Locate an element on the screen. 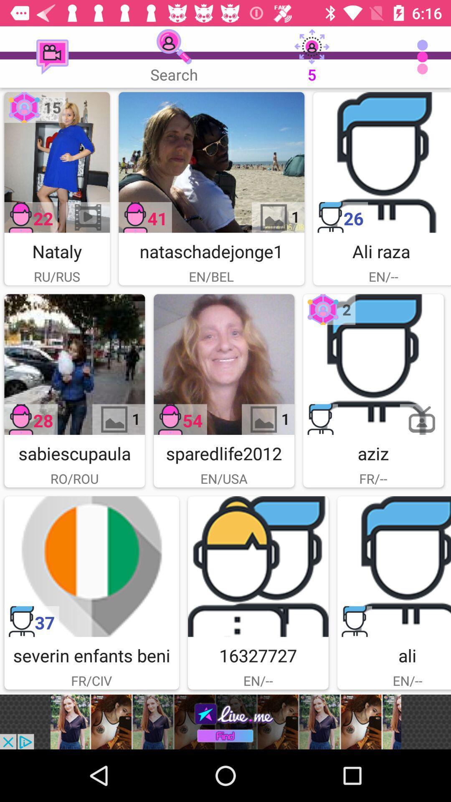 The image size is (451, 802). user is located at coordinates (394, 566).